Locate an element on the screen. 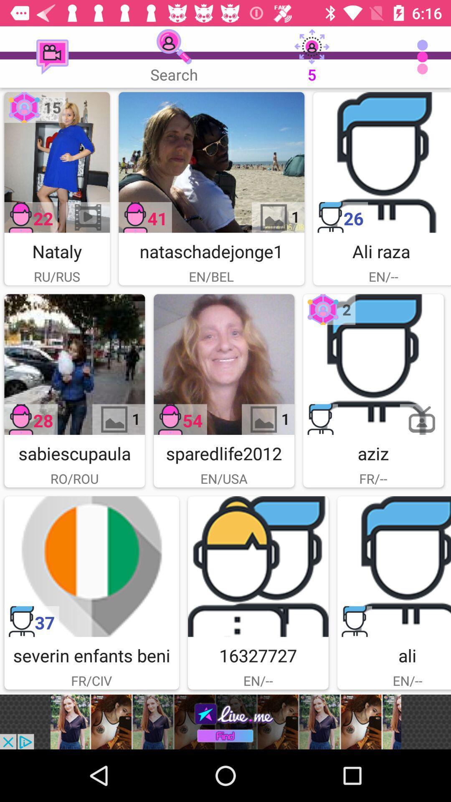 The image size is (451, 802). user is located at coordinates (394, 566).